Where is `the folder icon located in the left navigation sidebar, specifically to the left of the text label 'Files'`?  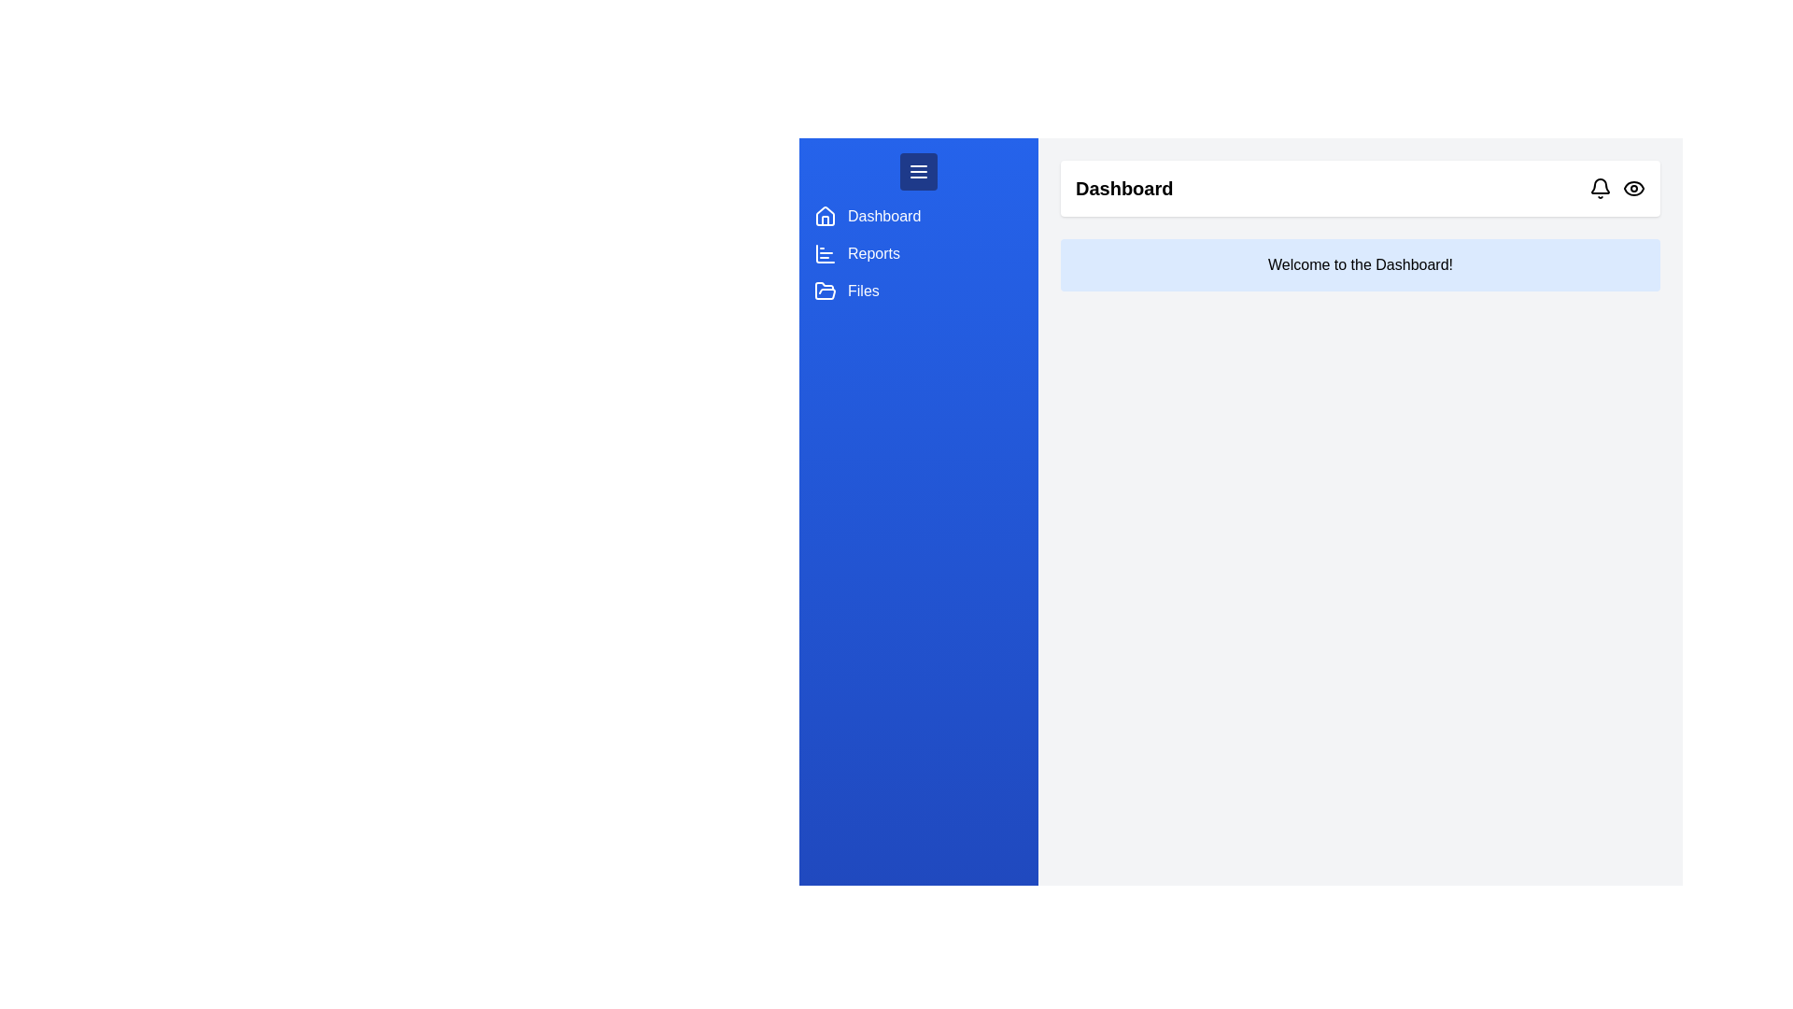 the folder icon located in the left navigation sidebar, specifically to the left of the text label 'Files' is located at coordinates (824, 291).